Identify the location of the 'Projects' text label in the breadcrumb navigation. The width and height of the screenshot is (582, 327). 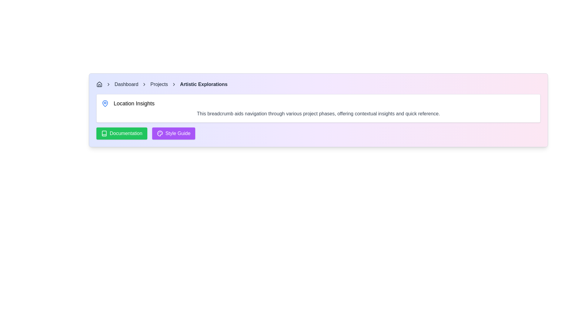
(159, 84).